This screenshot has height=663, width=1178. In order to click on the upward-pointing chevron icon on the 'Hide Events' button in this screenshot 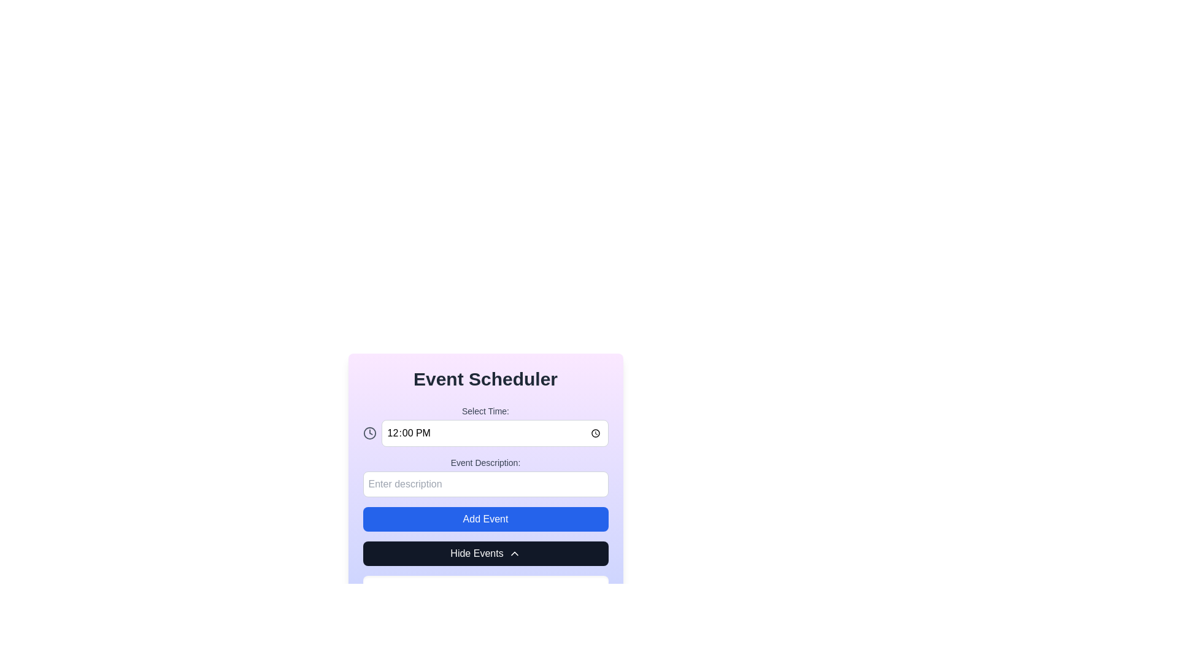, I will do `click(514, 554)`.